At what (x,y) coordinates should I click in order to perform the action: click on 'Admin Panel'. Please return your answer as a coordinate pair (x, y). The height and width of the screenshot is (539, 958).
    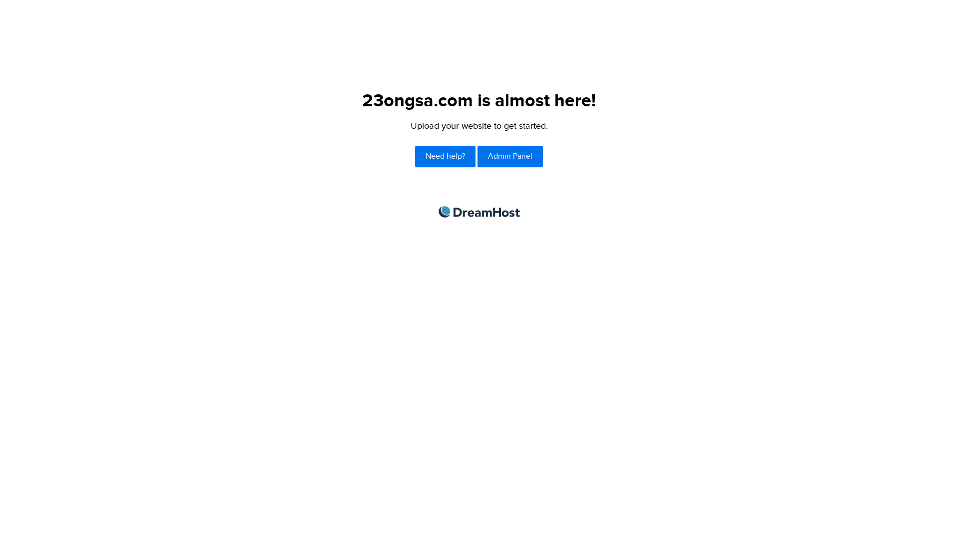
    Looking at the image, I should click on (510, 156).